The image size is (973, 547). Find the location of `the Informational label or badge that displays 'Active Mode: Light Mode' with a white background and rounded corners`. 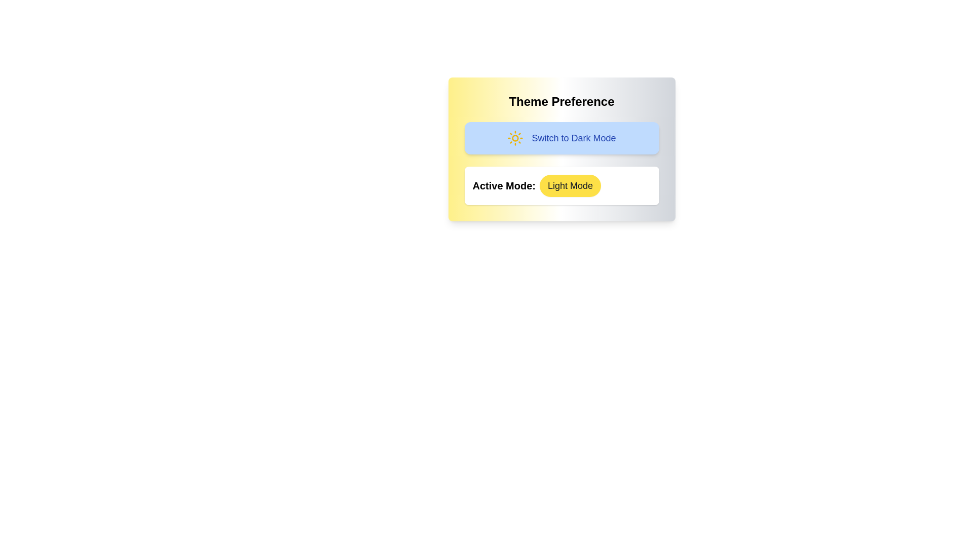

the Informational label or badge that displays 'Active Mode: Light Mode' with a white background and rounded corners is located at coordinates (561, 185).